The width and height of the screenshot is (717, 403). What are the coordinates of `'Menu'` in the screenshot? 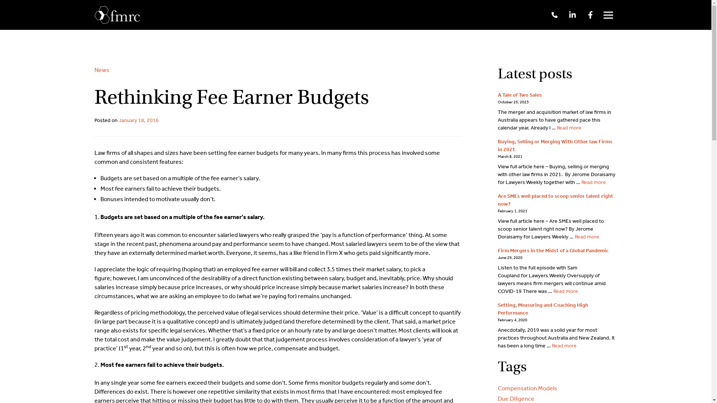 It's located at (599, 15).